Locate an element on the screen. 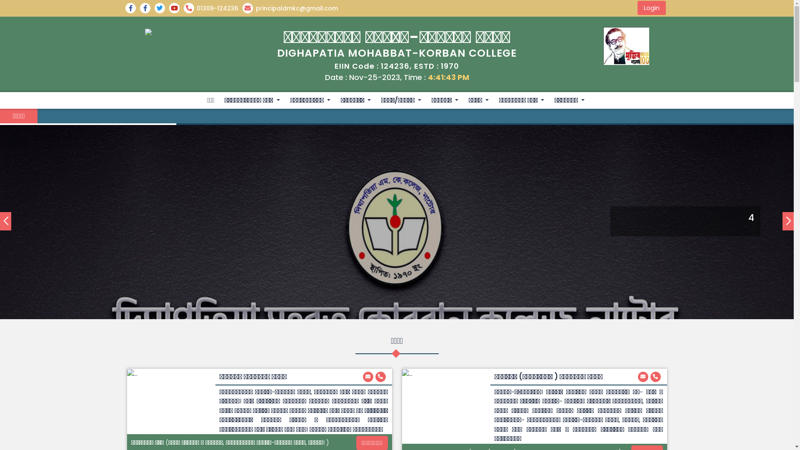  '01718663848' is located at coordinates (655, 377).